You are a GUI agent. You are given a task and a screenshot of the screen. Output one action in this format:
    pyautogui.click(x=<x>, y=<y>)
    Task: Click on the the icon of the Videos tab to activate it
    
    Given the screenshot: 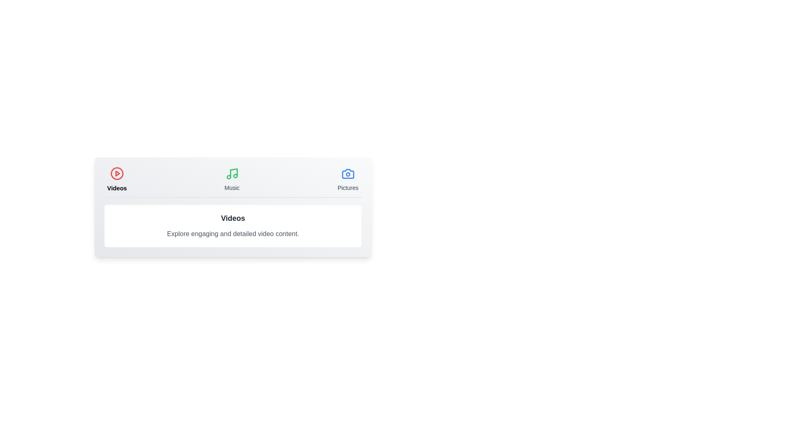 What is the action you would take?
    pyautogui.click(x=116, y=173)
    